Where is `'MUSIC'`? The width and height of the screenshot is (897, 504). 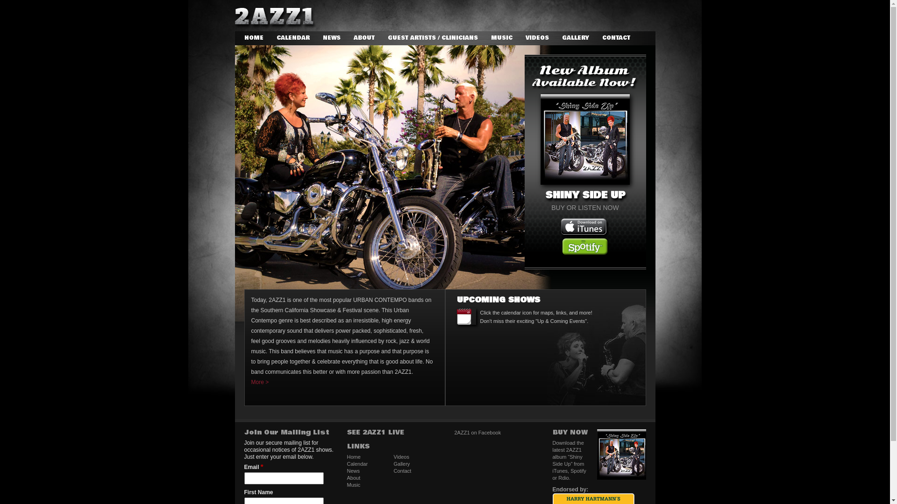 'MUSIC' is located at coordinates (501, 37).